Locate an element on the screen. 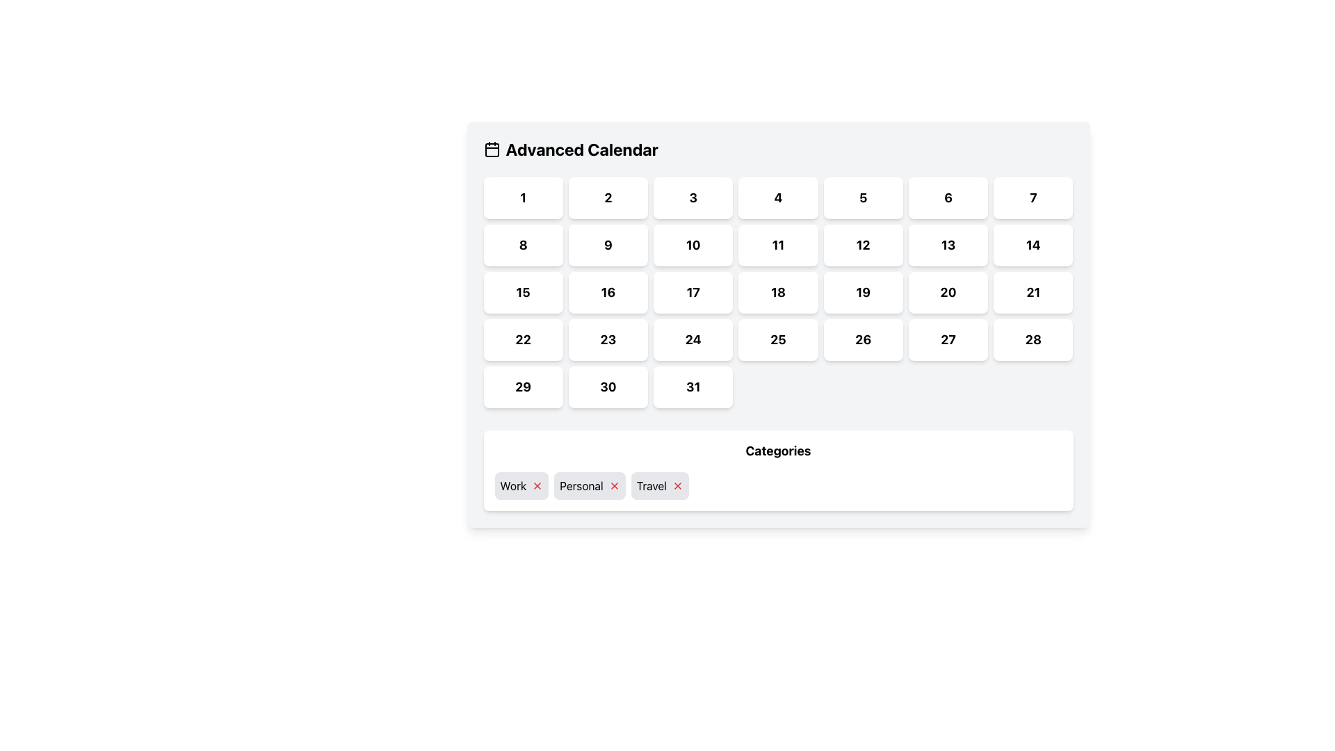 This screenshot has width=1335, height=751. the red 'X' button located immediately to the right of the 'Work' tag is located at coordinates (537, 485).